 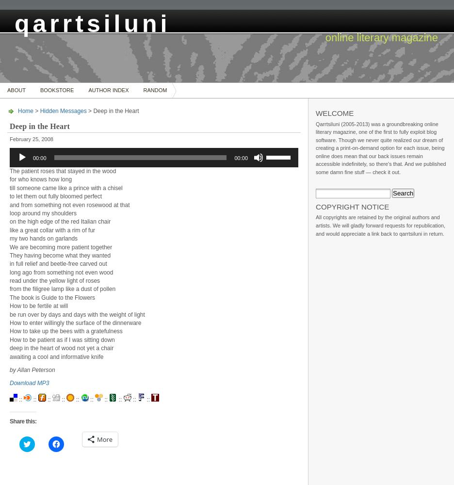 I want to click on 'long ago from something not even wood', so click(x=61, y=272).